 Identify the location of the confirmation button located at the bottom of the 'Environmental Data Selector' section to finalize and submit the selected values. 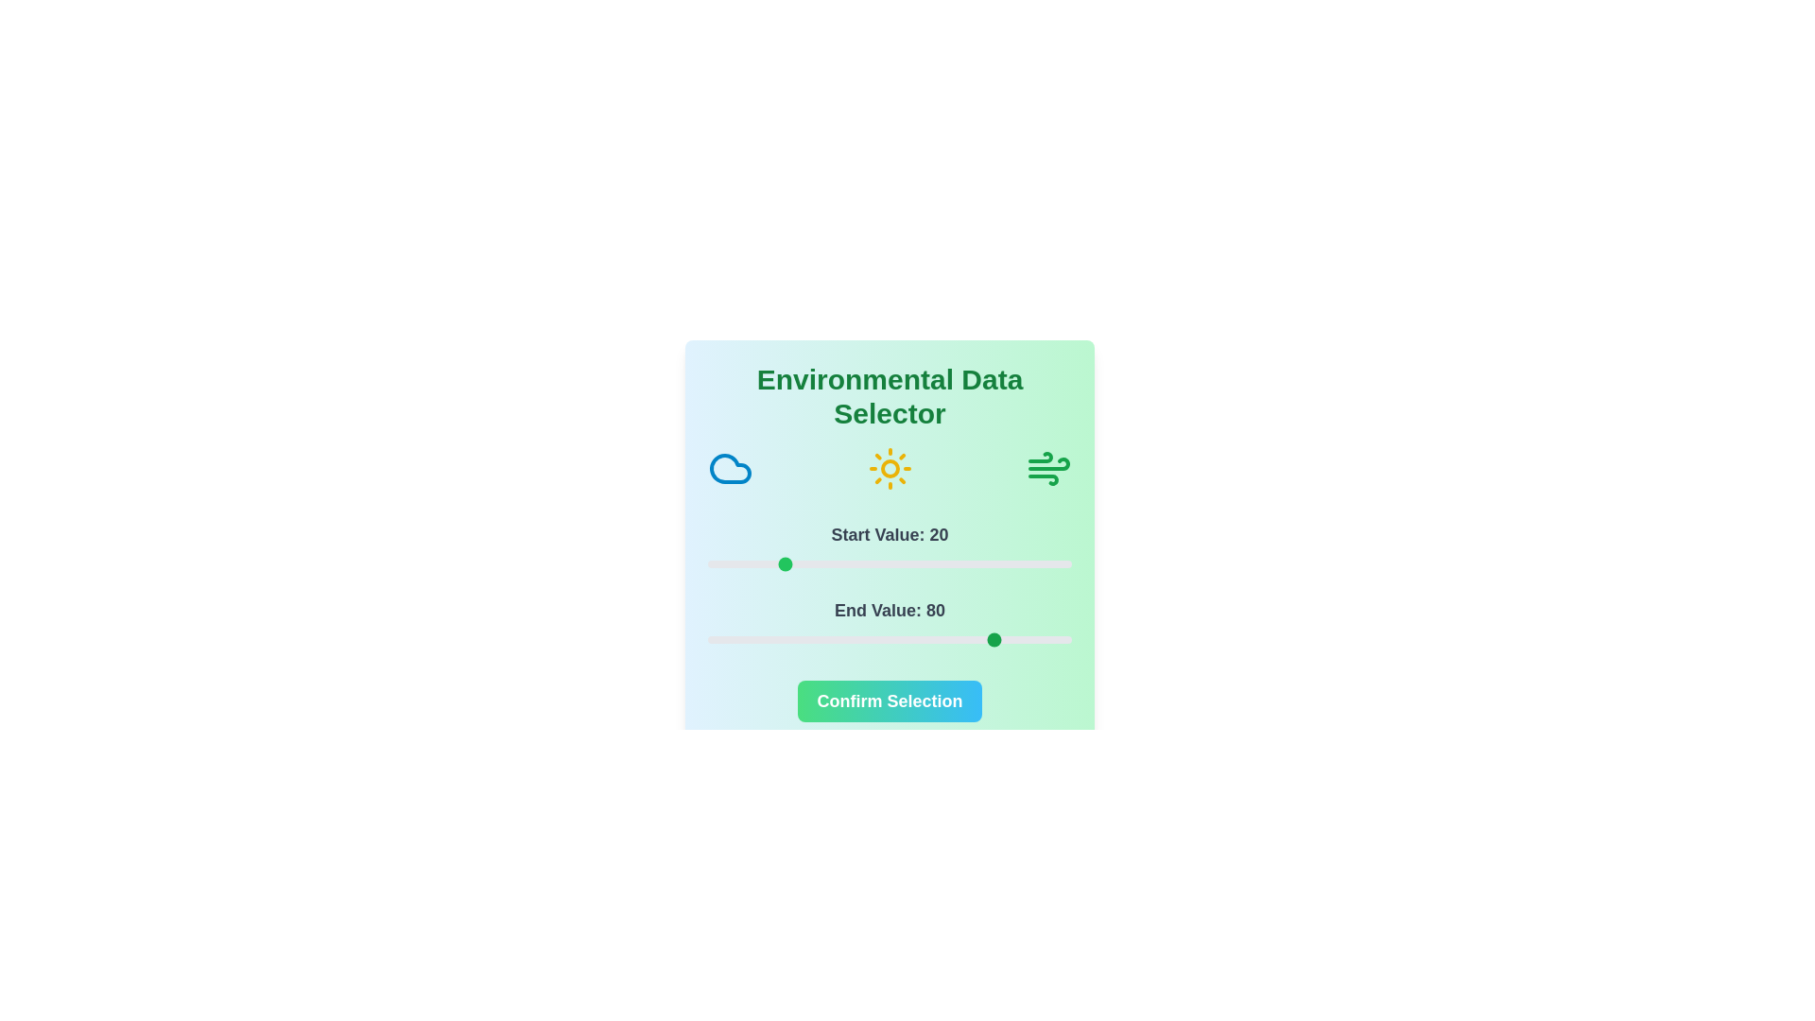
(889, 701).